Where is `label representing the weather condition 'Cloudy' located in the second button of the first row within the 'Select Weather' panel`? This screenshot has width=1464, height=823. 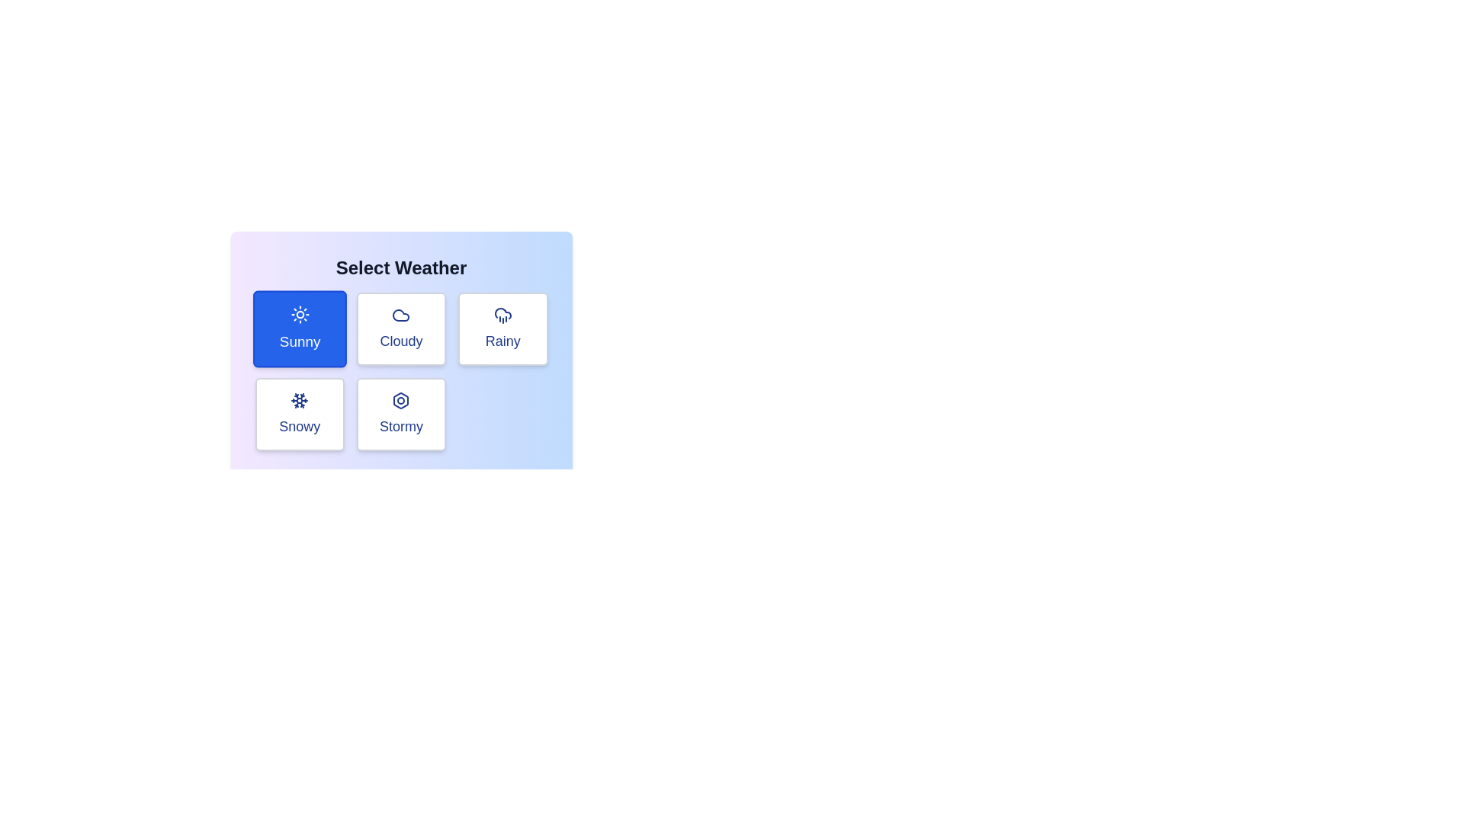 label representing the weather condition 'Cloudy' located in the second button of the first row within the 'Select Weather' panel is located at coordinates (401, 340).